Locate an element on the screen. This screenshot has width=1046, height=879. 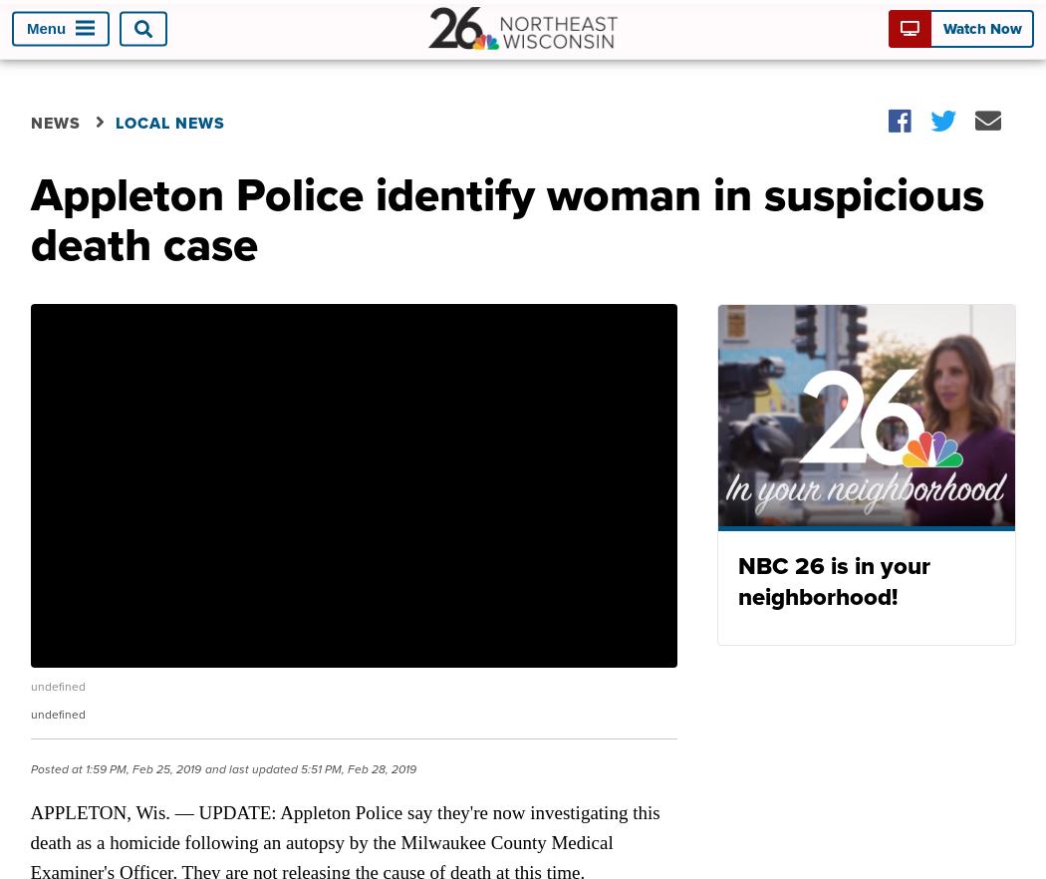
'Local News' is located at coordinates (168, 121).